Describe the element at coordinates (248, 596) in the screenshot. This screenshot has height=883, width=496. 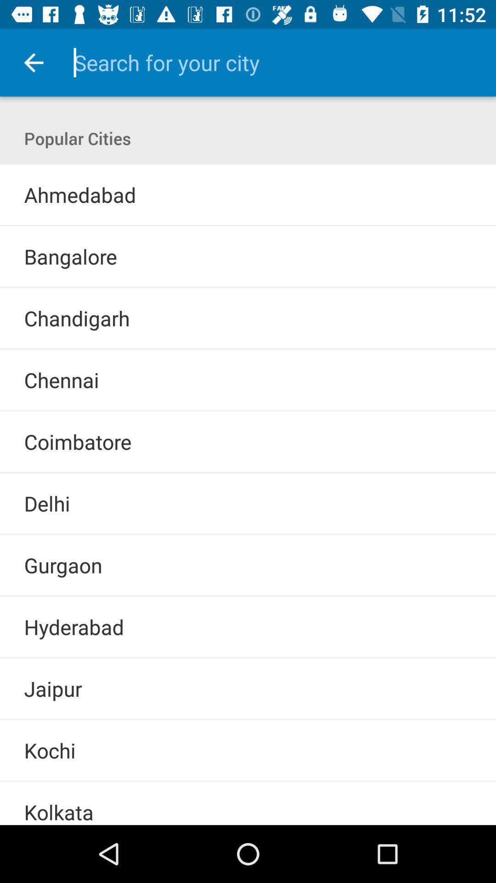
I see `the item below the gurgaon item` at that location.